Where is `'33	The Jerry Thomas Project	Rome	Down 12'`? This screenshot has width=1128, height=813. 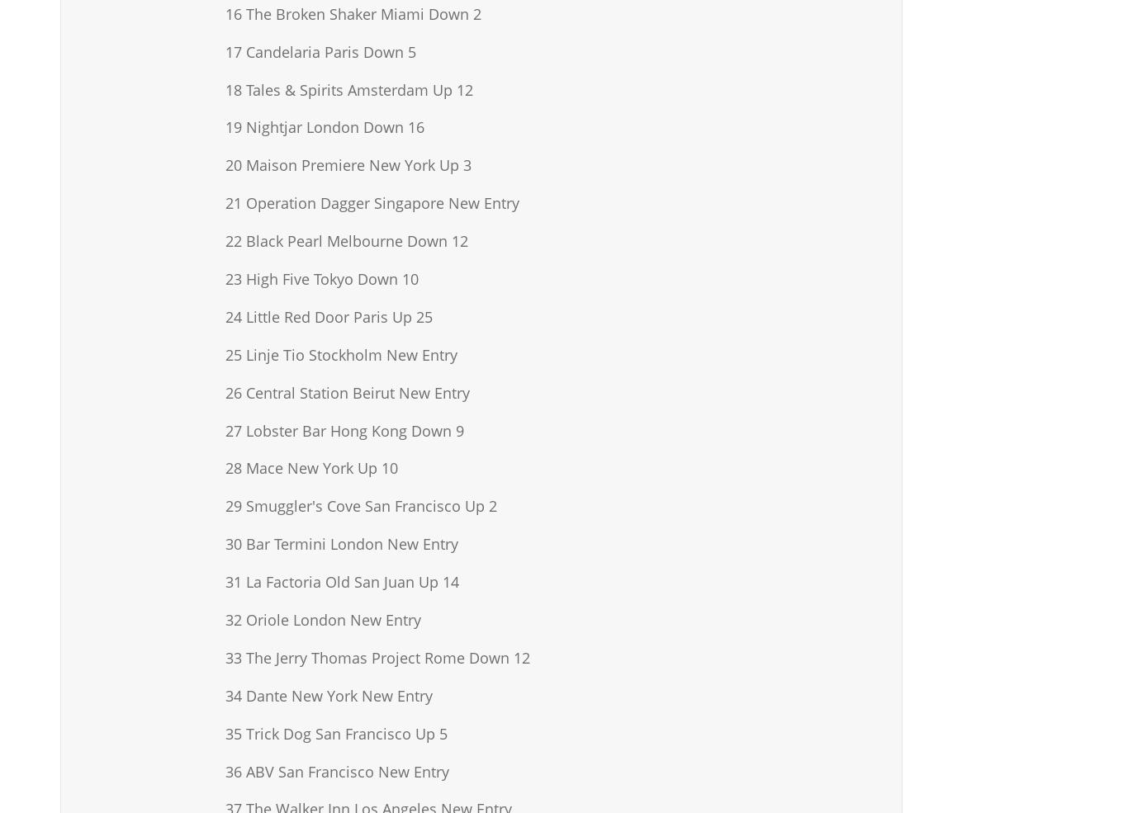
'33	The Jerry Thomas Project	Rome	Down 12' is located at coordinates (377, 655).